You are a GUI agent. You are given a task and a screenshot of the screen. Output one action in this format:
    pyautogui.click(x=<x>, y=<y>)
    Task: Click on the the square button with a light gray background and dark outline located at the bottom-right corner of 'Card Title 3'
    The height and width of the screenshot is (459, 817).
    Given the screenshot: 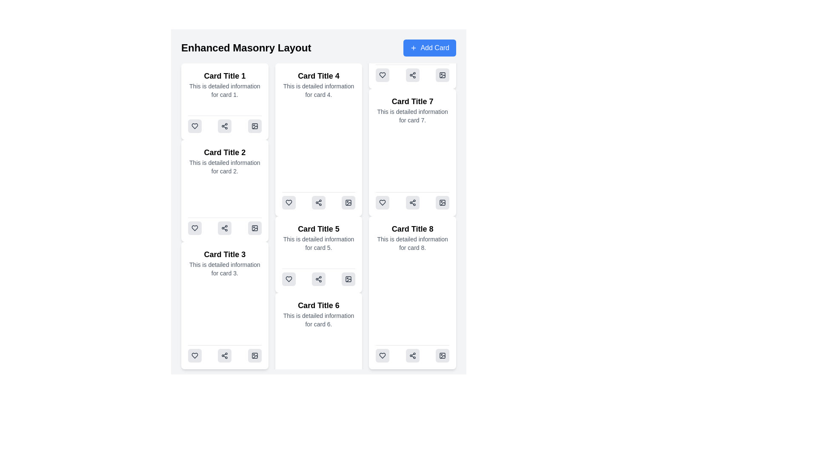 What is the action you would take?
    pyautogui.click(x=254, y=227)
    